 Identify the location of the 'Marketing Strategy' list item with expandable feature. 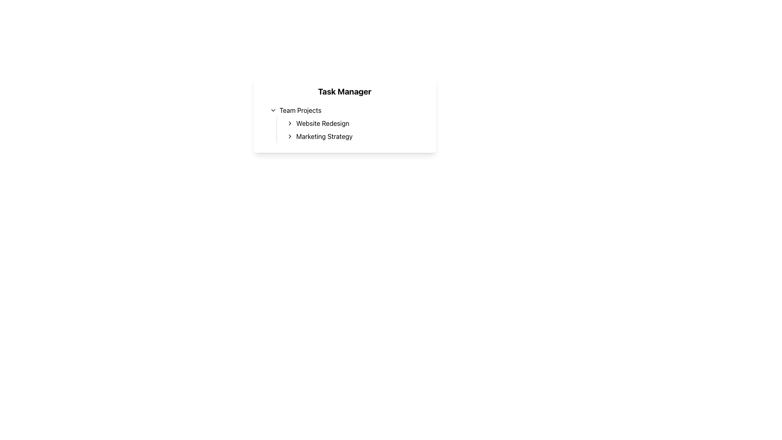
(356, 136).